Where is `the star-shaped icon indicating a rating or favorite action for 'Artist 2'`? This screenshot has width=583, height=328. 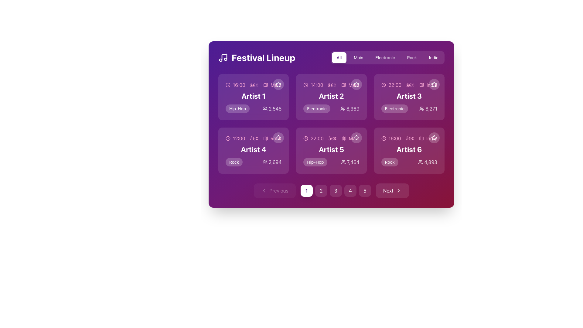
the star-shaped icon indicating a rating or favorite action for 'Artist 2' is located at coordinates (356, 84).